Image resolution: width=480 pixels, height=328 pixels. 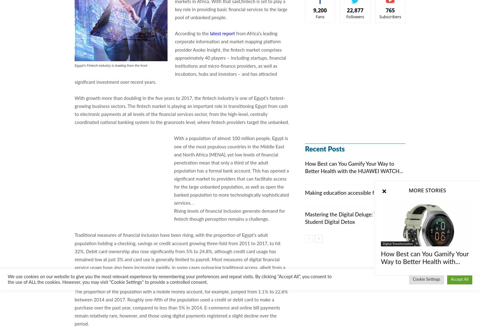 What do you see at coordinates (181, 308) in the screenshot?
I see `'The proportion of the population with a mobile money account, for example, jumped from 1.1% to 22.8% between 2014 and 2017. Roughly one-fifth of the population used a credit or debit card to make a purchase over the past year, compared to less than 5% in 2014. E-commerce and online bill payments remain relatively rare, however, and those using digital payments registered a slight decline over the period.'` at bounding box center [181, 308].